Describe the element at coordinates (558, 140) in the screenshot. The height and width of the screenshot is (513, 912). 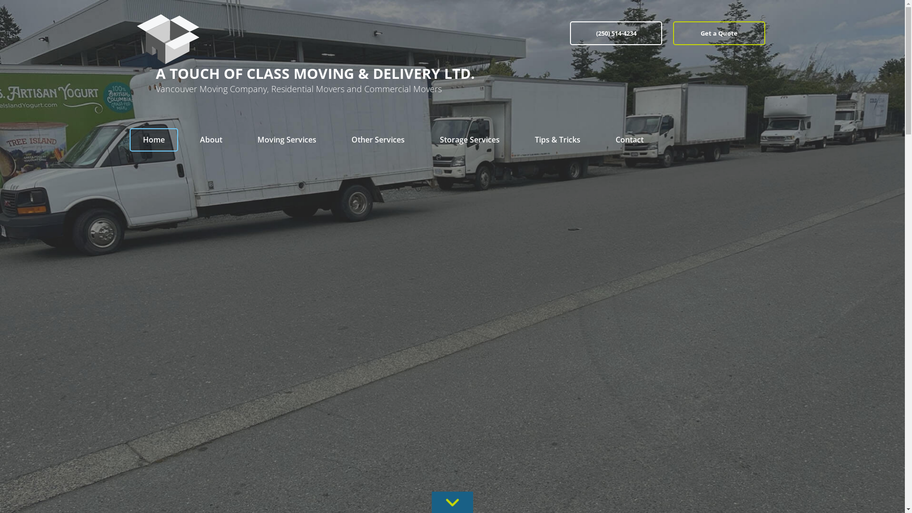
I see `'Tips & Tricks'` at that location.